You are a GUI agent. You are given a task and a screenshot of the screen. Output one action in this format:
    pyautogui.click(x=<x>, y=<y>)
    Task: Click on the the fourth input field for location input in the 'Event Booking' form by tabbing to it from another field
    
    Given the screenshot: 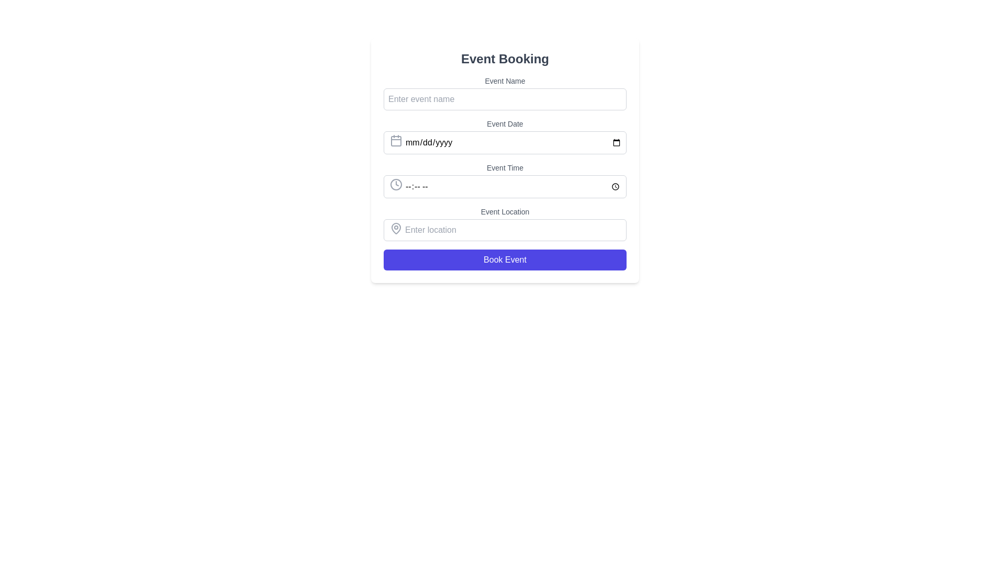 What is the action you would take?
    pyautogui.click(x=505, y=229)
    